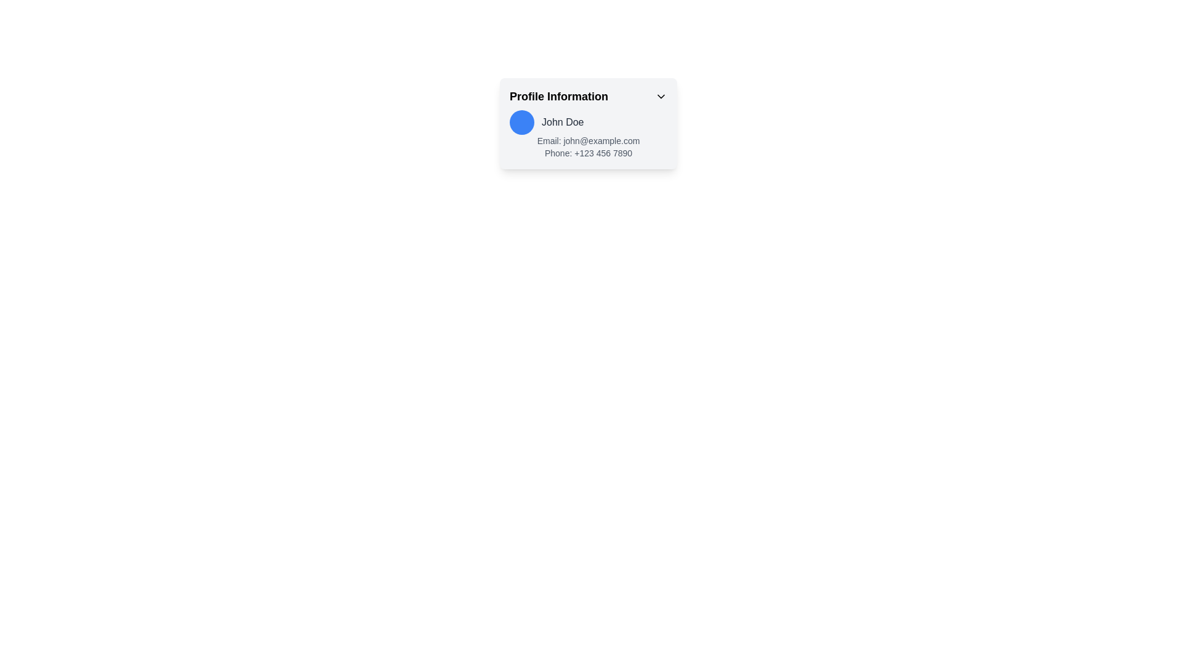 The width and height of the screenshot is (1182, 665). Describe the element at coordinates (661, 96) in the screenshot. I see `the downward-pointing chevron icon next to 'Profile Information'` at that location.